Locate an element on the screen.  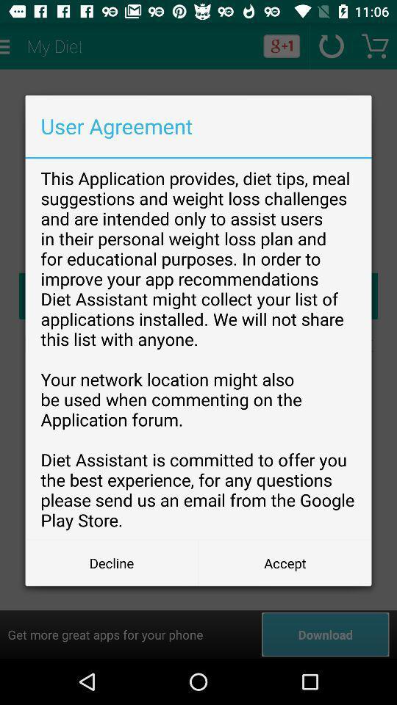
icon to the left of accept button is located at coordinates (111, 562).